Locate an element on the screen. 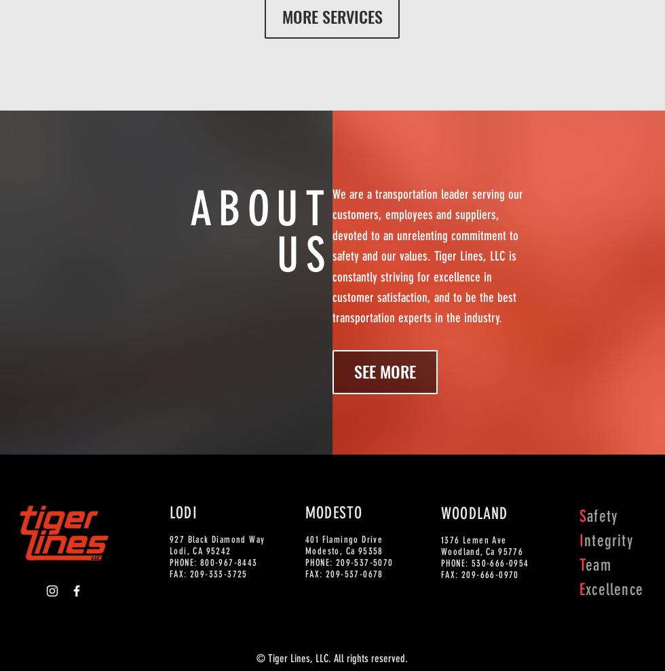 Image resolution: width=665 pixels, height=671 pixels. 'We are a transportation leader serving our customers, employees and suppliers, devoted to an unrelenting commitment to safety and our values. Tiger Lines, LLC is constantly striving for excellence in customer satisfaction, and to be the best transportation experts in the industry.' is located at coordinates (427, 255).